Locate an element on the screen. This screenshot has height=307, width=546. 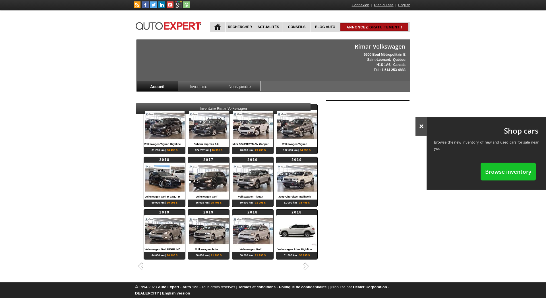
'Nous joindre' is located at coordinates (240, 86).